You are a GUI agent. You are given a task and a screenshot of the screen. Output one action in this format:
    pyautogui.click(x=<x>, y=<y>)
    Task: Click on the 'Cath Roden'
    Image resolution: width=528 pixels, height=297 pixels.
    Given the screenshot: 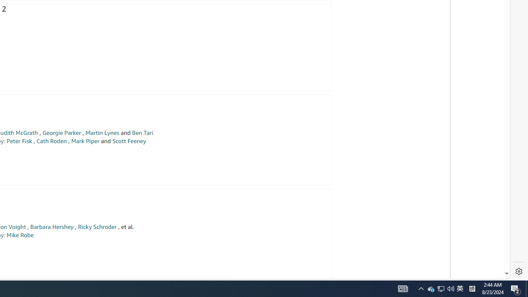 What is the action you would take?
    pyautogui.click(x=51, y=141)
    